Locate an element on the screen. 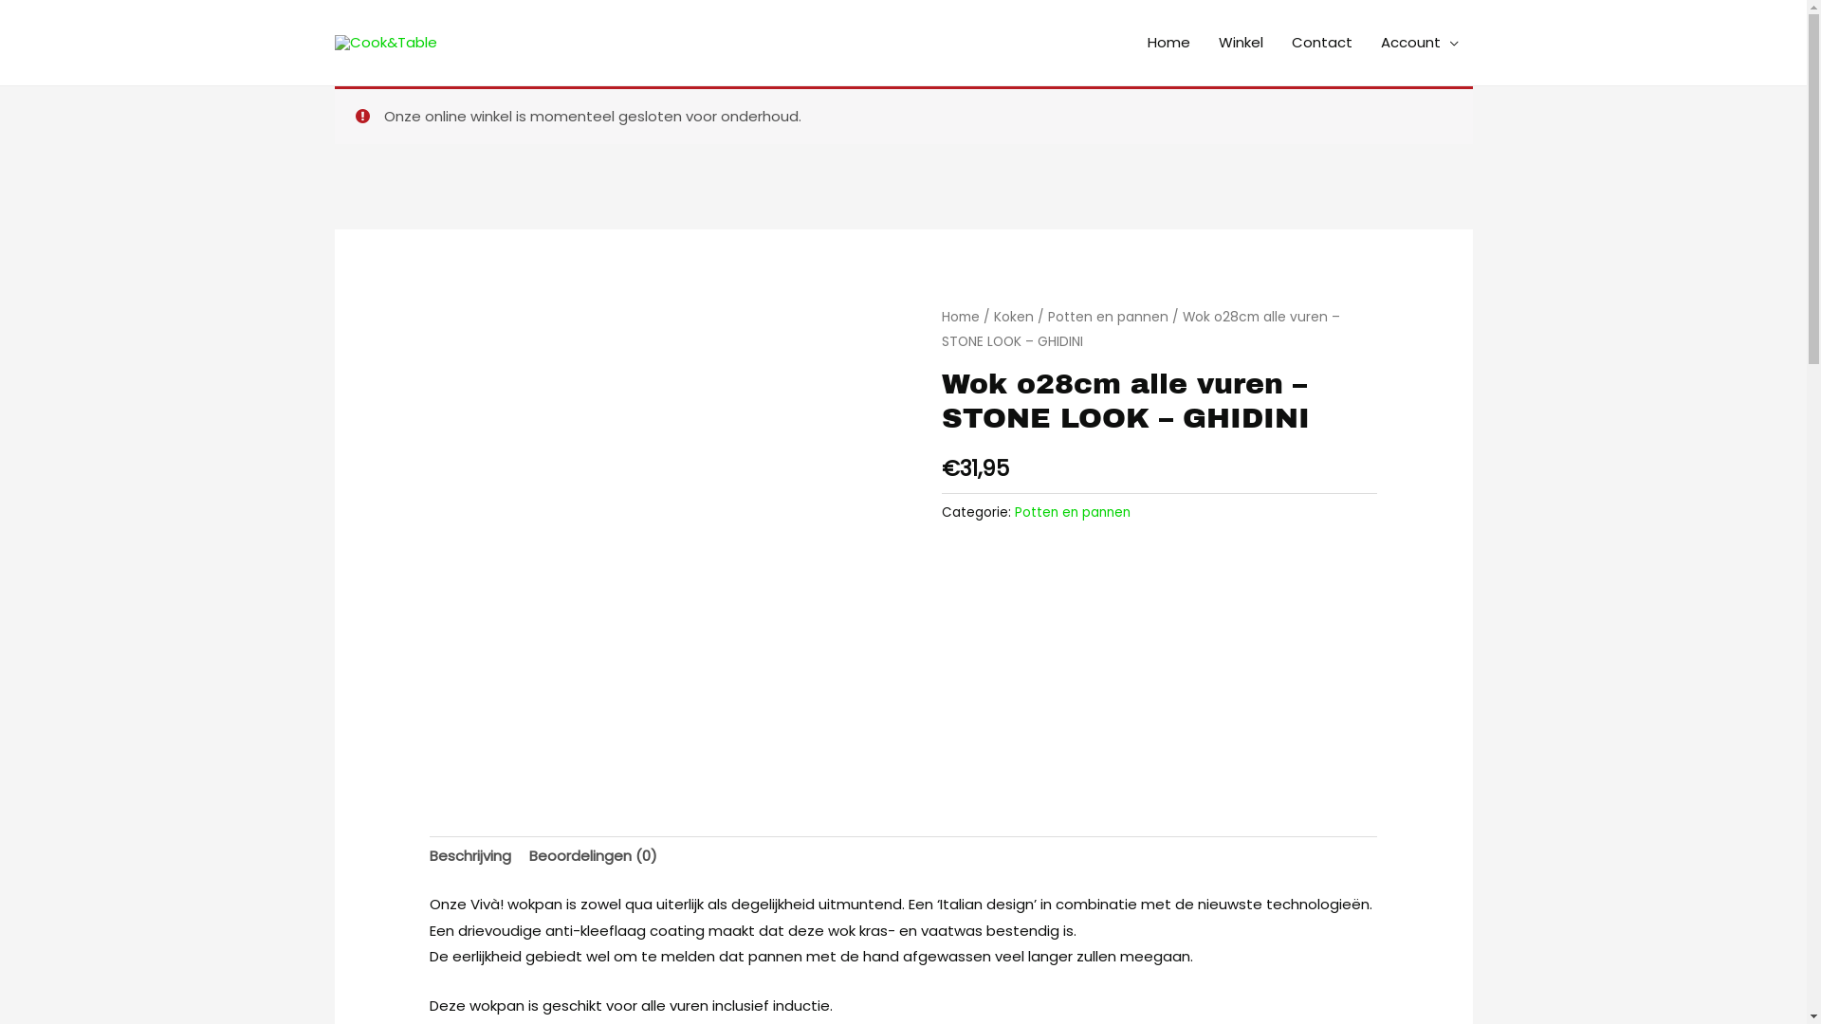  'Account' is located at coordinates (1419, 43).